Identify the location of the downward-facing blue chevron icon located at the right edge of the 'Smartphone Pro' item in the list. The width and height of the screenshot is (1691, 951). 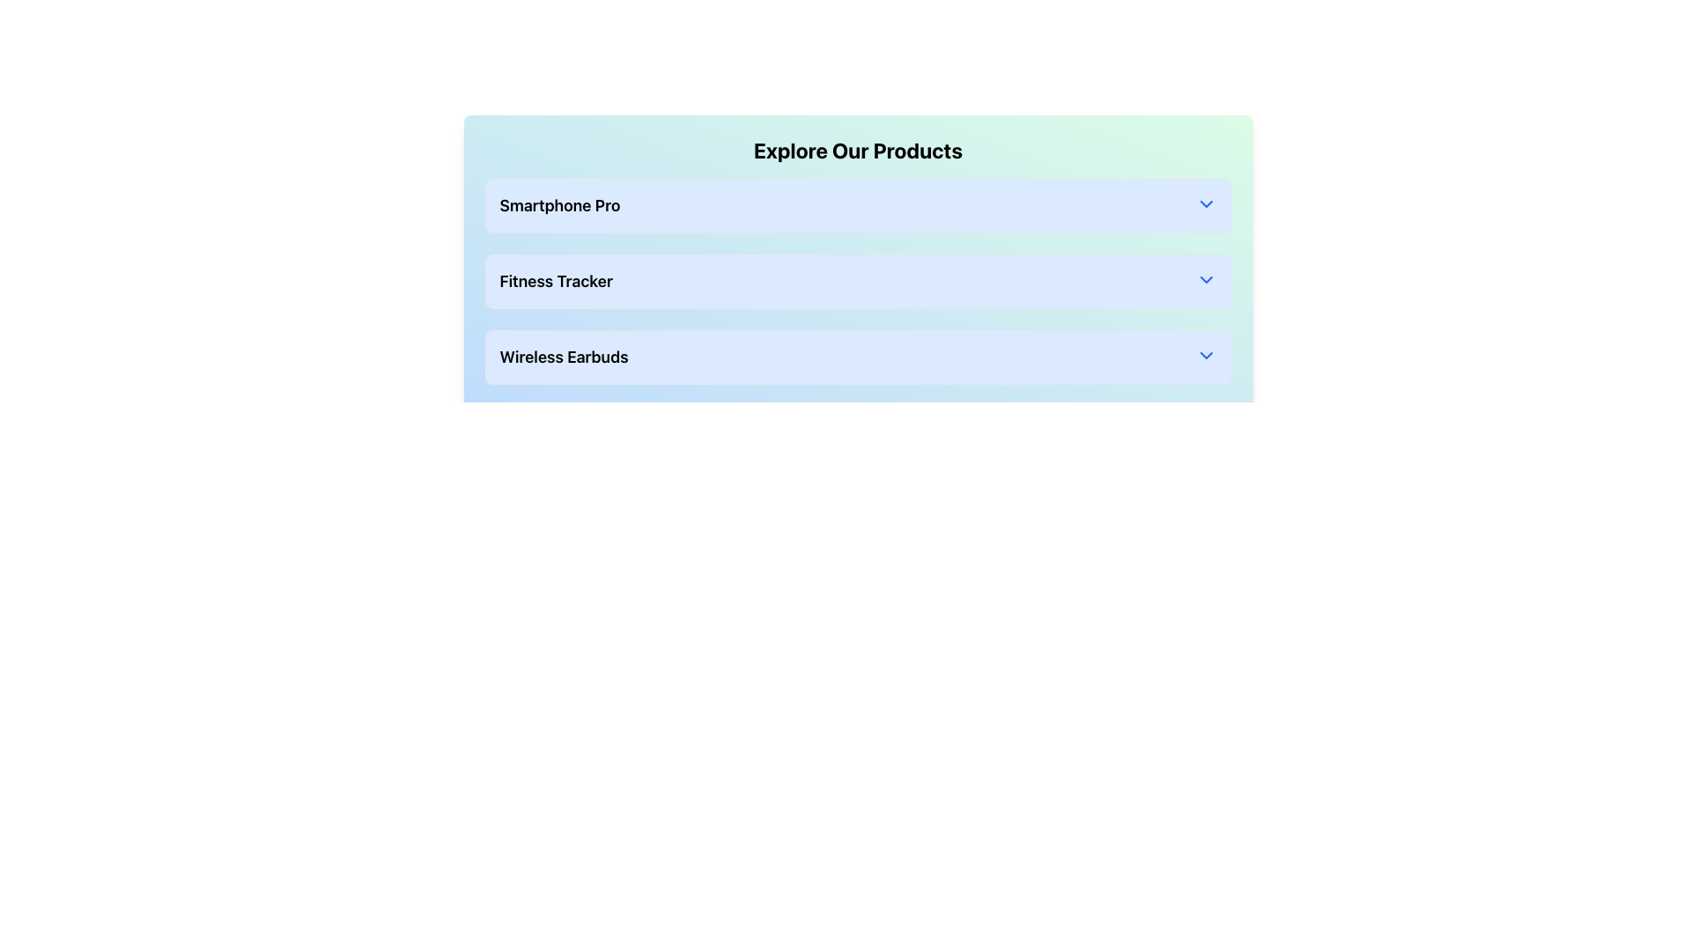
(1205, 203).